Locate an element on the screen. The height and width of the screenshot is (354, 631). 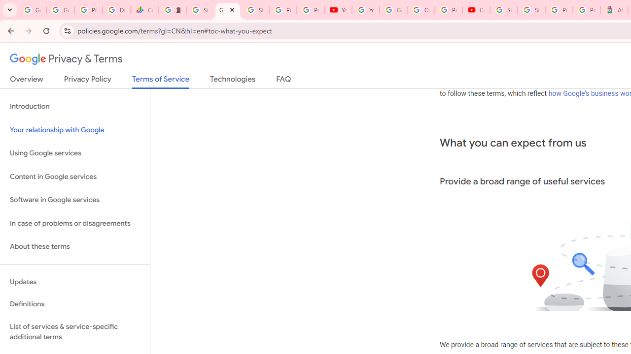
'Updates' is located at coordinates (74, 282).